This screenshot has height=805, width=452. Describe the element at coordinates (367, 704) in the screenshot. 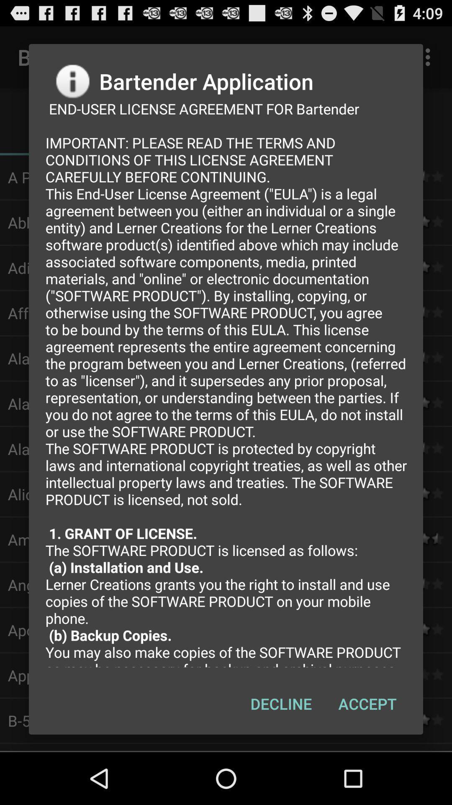

I see `the icon next to decline button` at that location.